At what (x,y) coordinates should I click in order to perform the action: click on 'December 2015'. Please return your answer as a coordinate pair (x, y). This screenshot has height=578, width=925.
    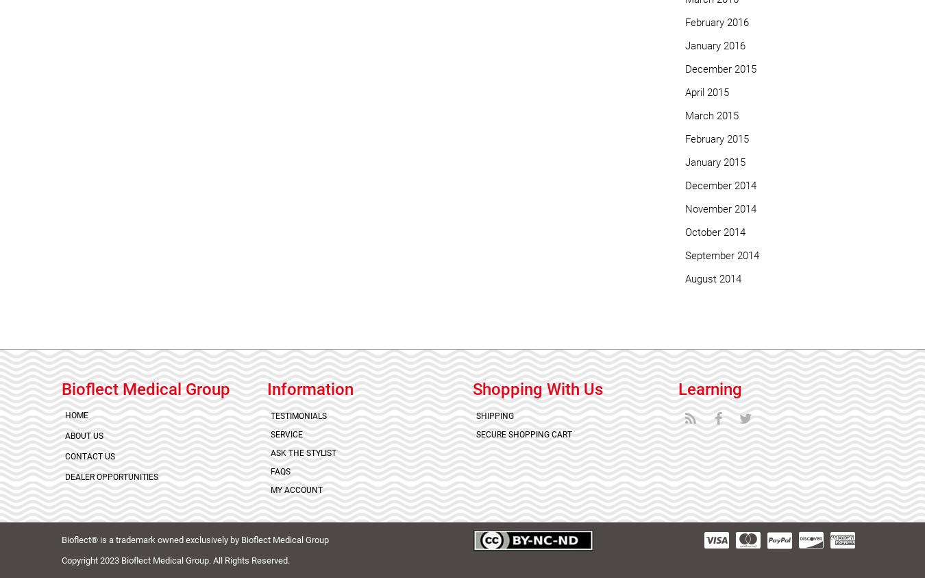
    Looking at the image, I should click on (721, 67).